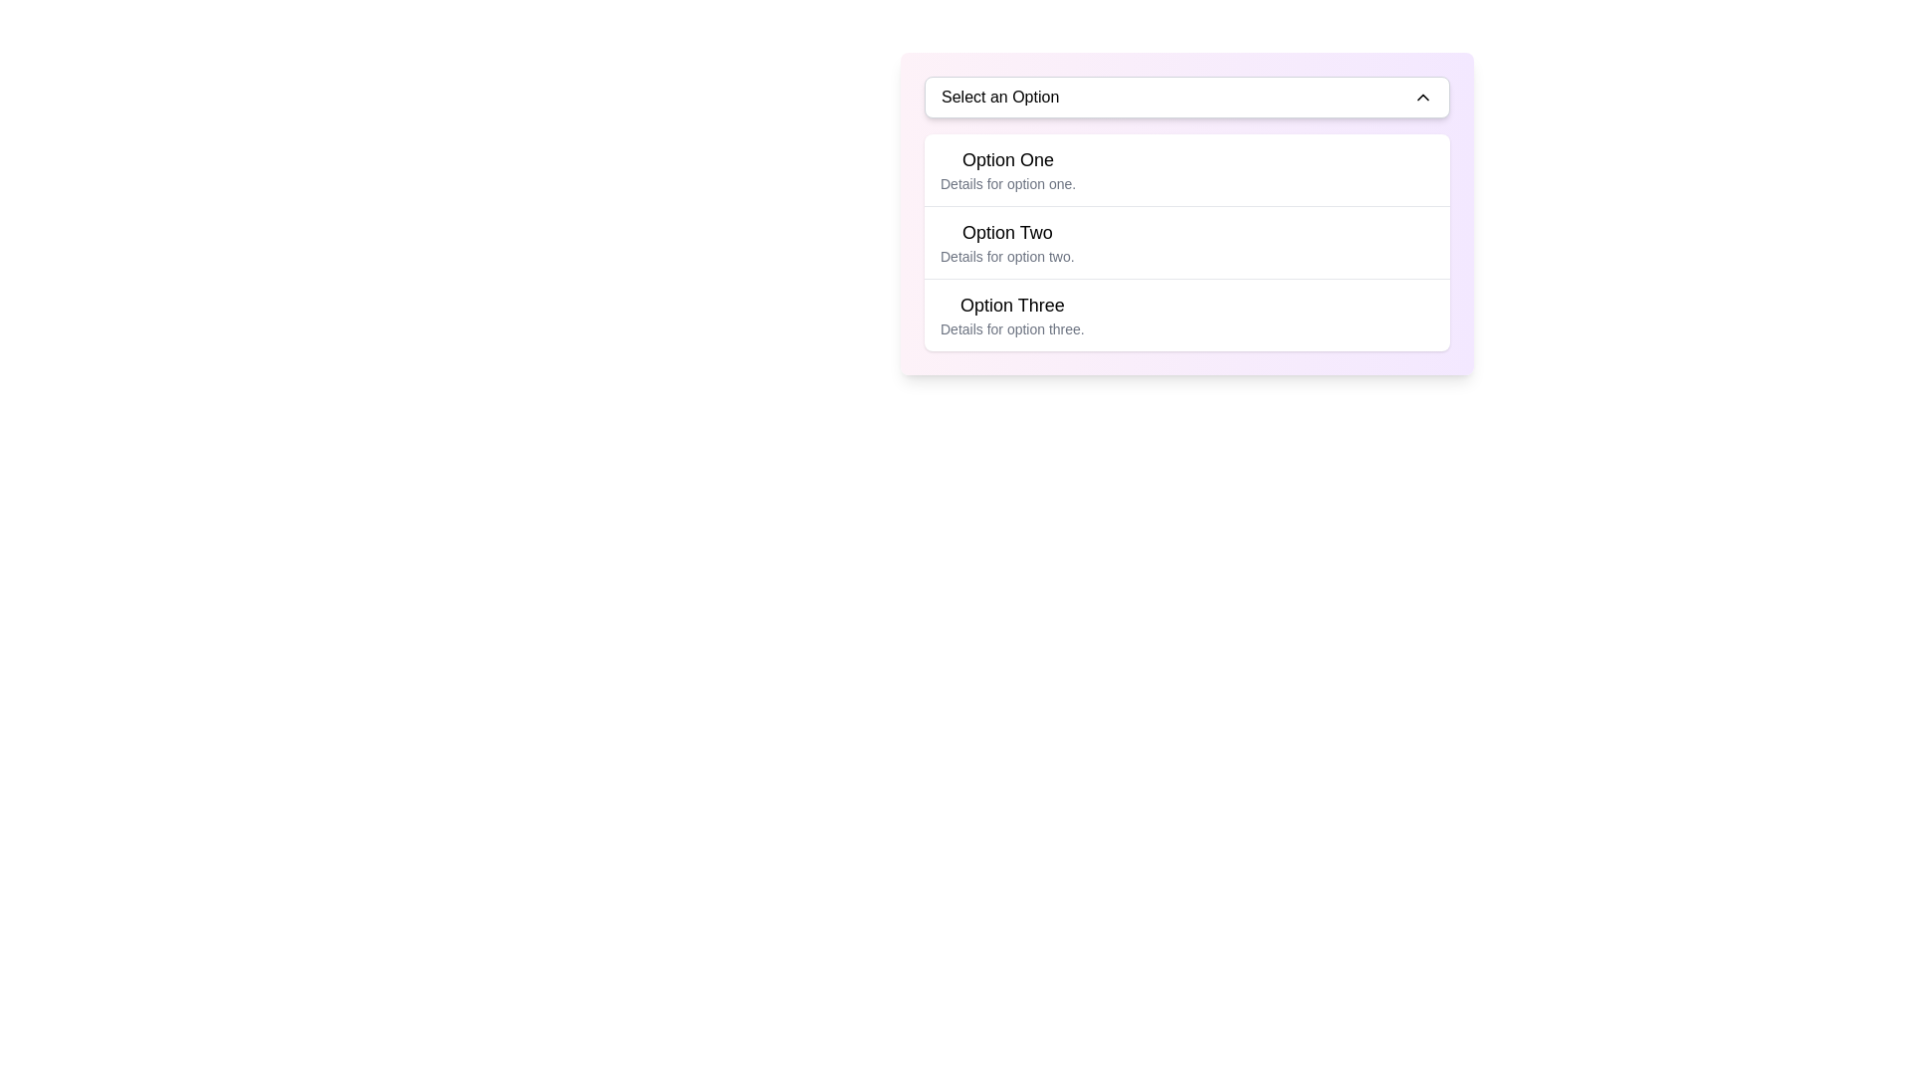  Describe the element at coordinates (1007, 256) in the screenshot. I see `the text label that reads 'Details for option two.' which is styled in small gray font and appears under the main text 'Option Two' in the dropdown interface` at that location.